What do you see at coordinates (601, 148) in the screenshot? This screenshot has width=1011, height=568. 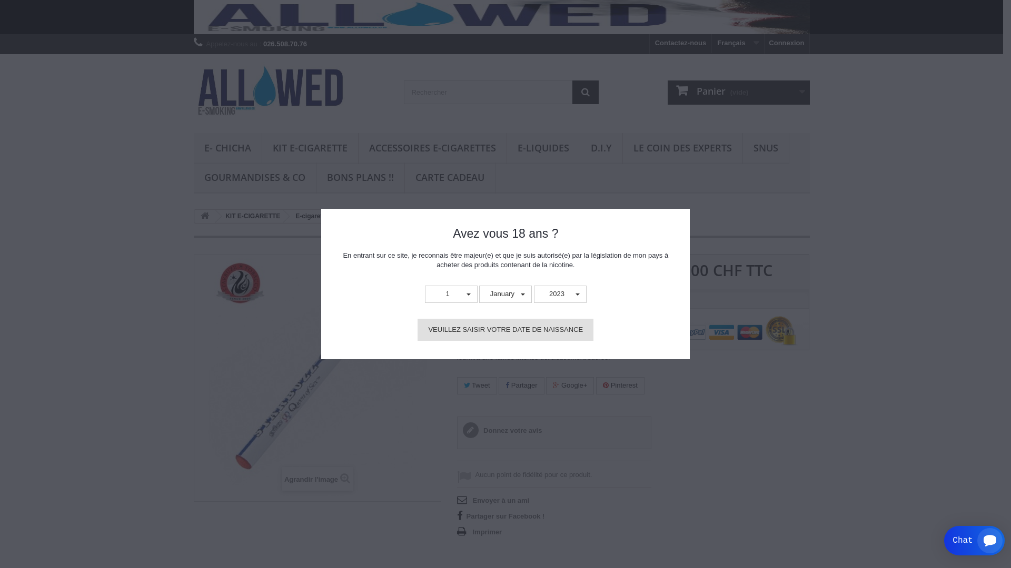 I see `'D.I.Y'` at bounding box center [601, 148].